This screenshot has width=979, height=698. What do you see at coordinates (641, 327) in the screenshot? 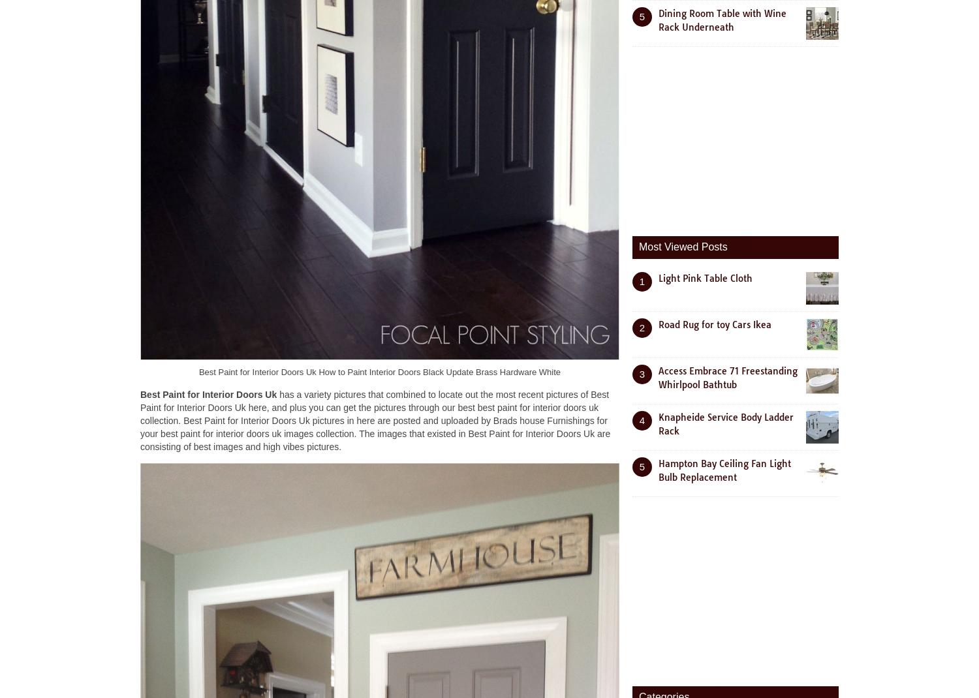
I see `'2'` at bounding box center [641, 327].